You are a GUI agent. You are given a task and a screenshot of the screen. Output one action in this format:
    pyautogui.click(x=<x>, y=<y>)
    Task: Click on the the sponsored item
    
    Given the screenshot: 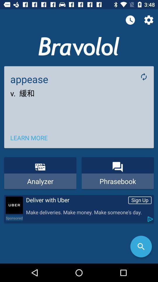 What is the action you would take?
    pyautogui.click(x=14, y=218)
    